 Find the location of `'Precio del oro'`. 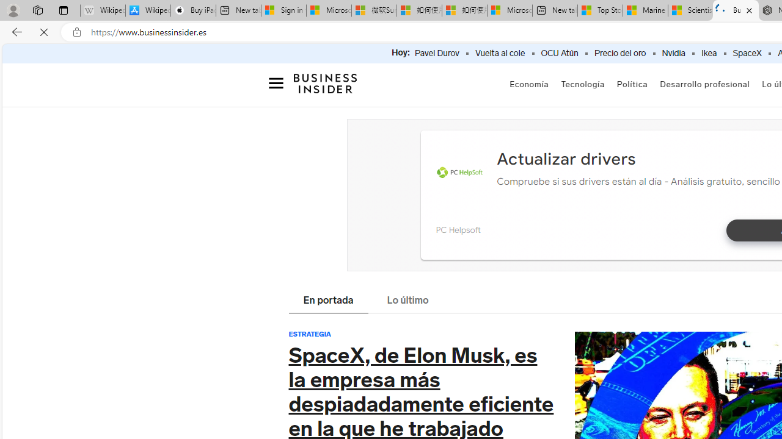

'Precio del oro' is located at coordinates (620, 53).